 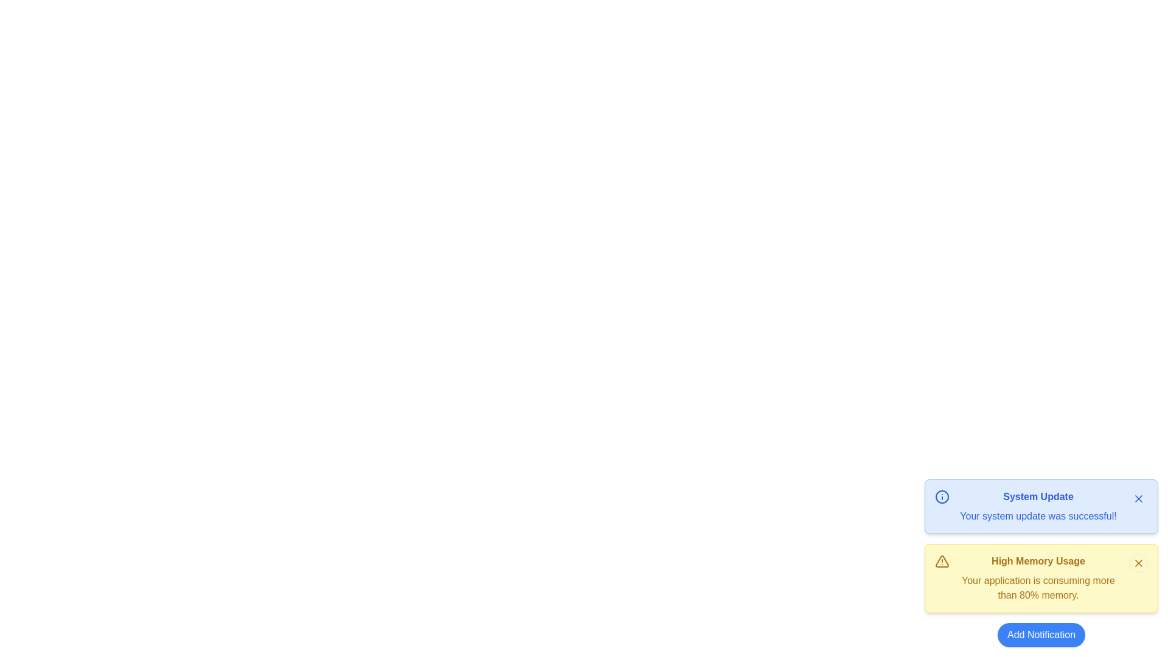 I want to click on confirmation text label located in the bottom segment of the blue notification card, below the heading 'System Update', on the upper right side of the interface, so click(x=1038, y=516).